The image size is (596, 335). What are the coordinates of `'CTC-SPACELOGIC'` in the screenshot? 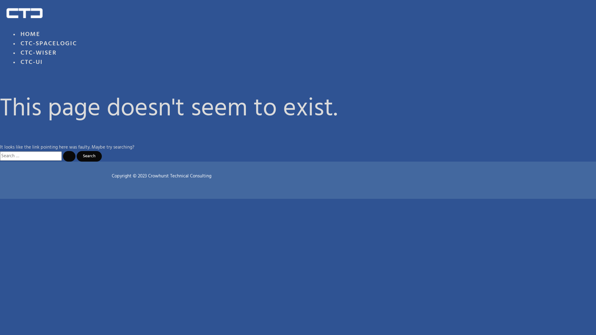 It's located at (48, 45).